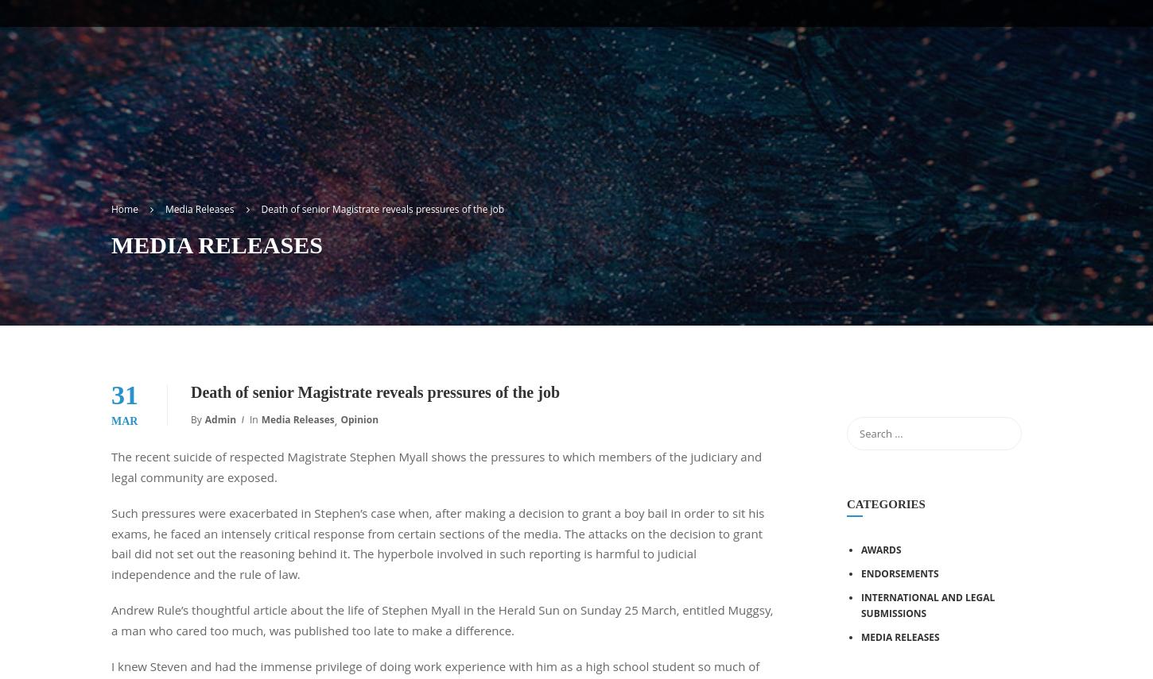 This screenshot has width=1153, height=679. What do you see at coordinates (441, 619) in the screenshot?
I see `'Andrew Rule’s thoughtful article about the life of Stephen Myall in the Herald Sun on Sunday 25 March, entitled Muggsy, a man who cared too much, was published too late to make a difference.'` at bounding box center [441, 619].